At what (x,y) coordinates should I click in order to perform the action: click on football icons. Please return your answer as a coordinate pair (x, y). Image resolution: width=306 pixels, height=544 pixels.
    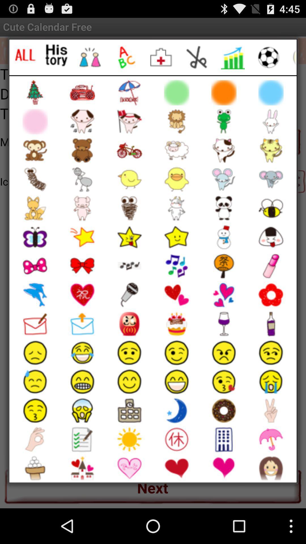
    Looking at the image, I should click on (268, 57).